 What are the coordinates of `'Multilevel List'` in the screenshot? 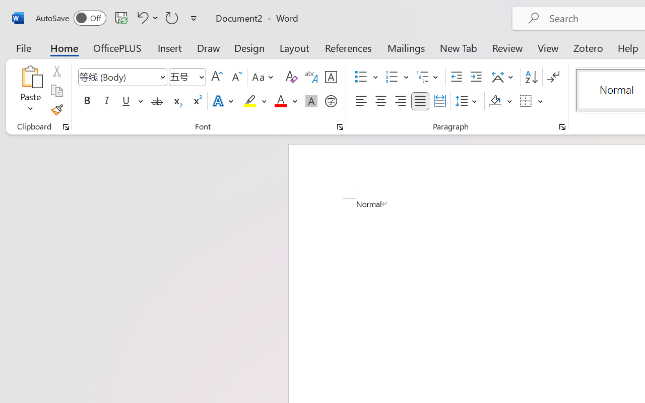 It's located at (428, 77).